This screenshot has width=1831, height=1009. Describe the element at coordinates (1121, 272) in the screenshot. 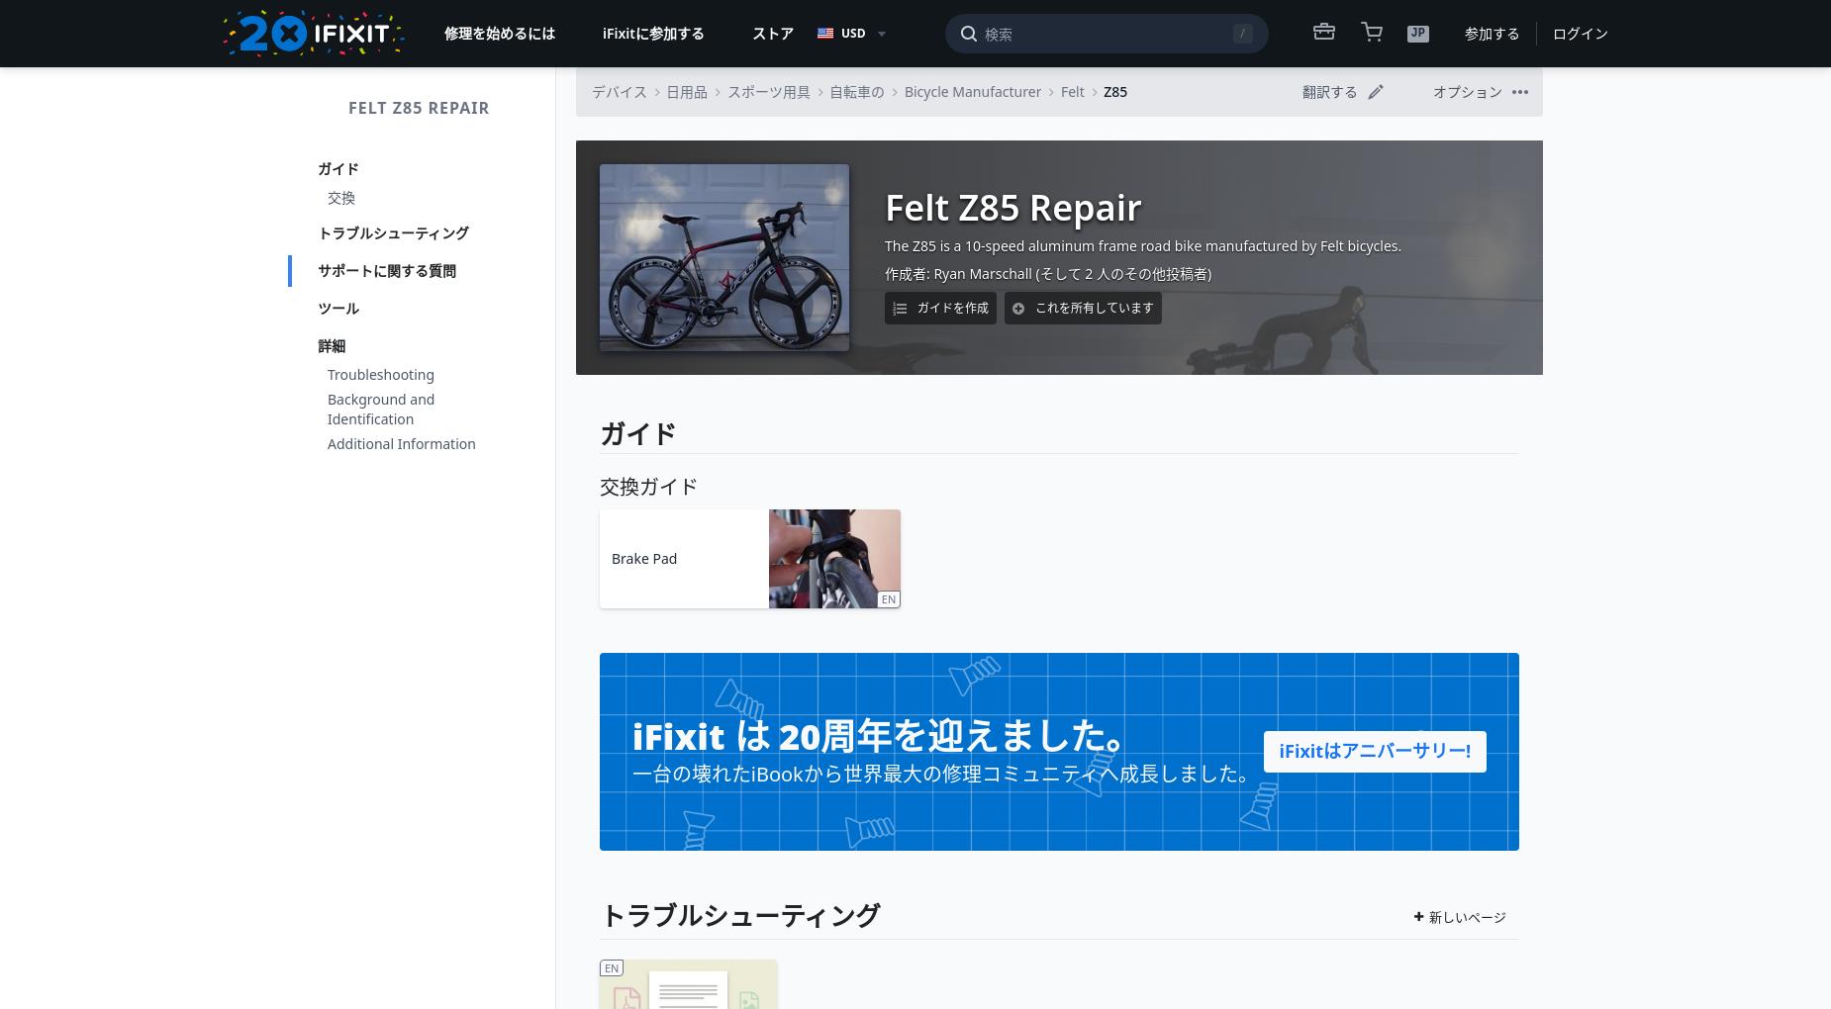

I see `'(そして 2 人のその他投稿者)'` at that location.